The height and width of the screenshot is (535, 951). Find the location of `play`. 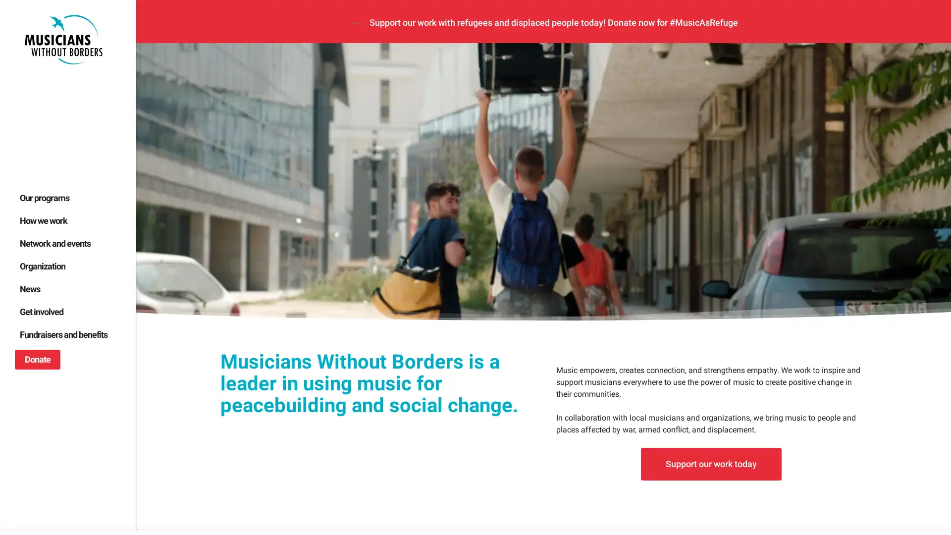

play is located at coordinates (158, 392).